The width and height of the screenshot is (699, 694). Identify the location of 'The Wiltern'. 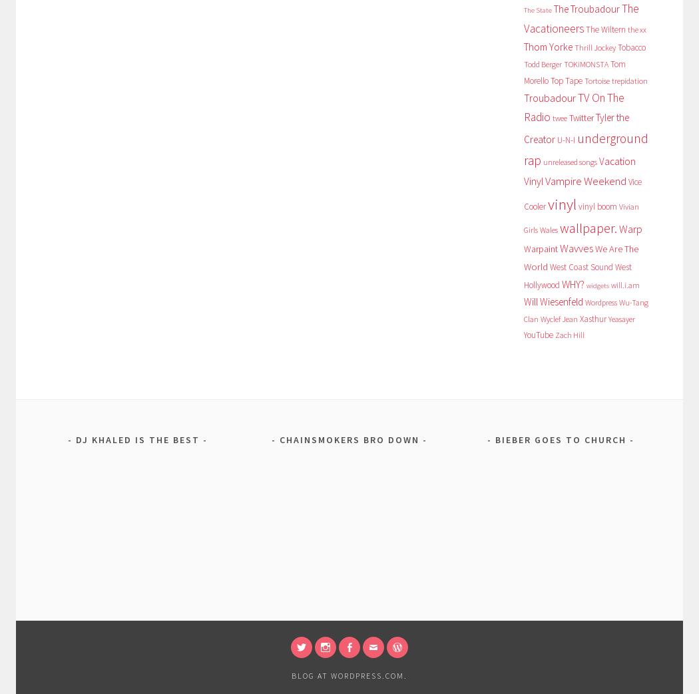
(604, 28).